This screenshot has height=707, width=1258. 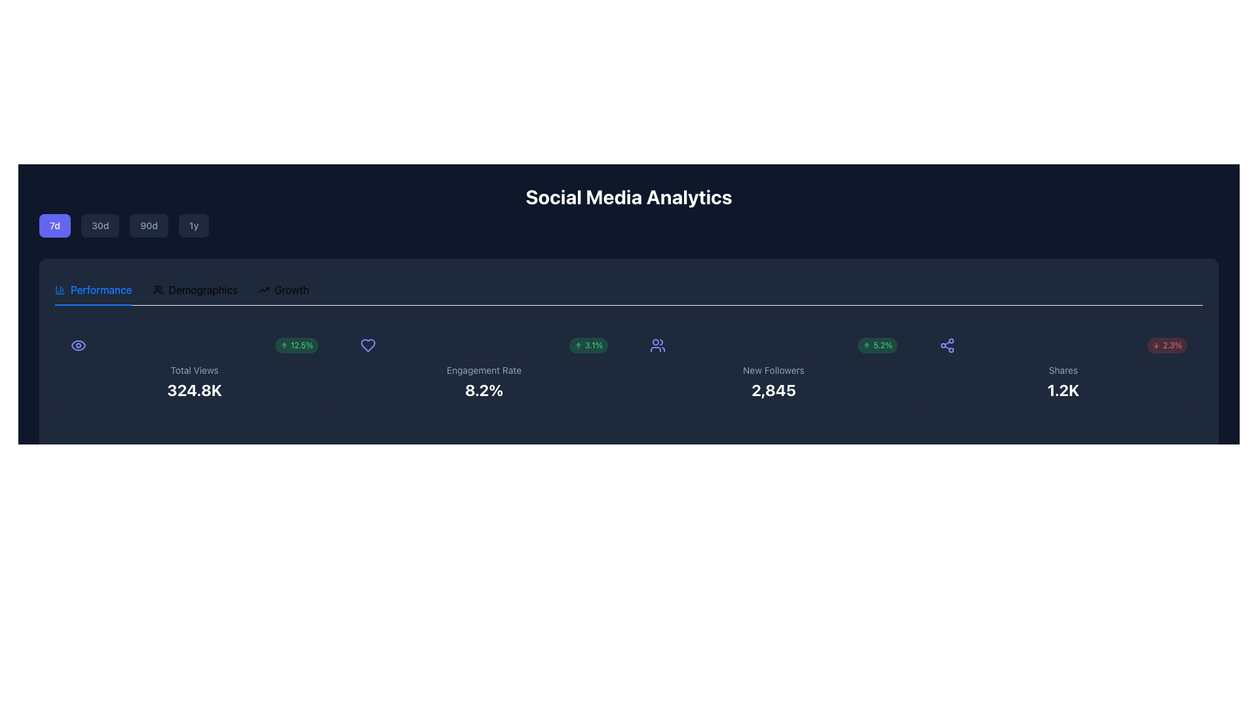 What do you see at coordinates (1167, 345) in the screenshot?
I see `displayed text from the Label indicating percentage change in the 'Performance' tab, located to the far-right of the horizontal bar, following the 'Shares' label` at bounding box center [1167, 345].